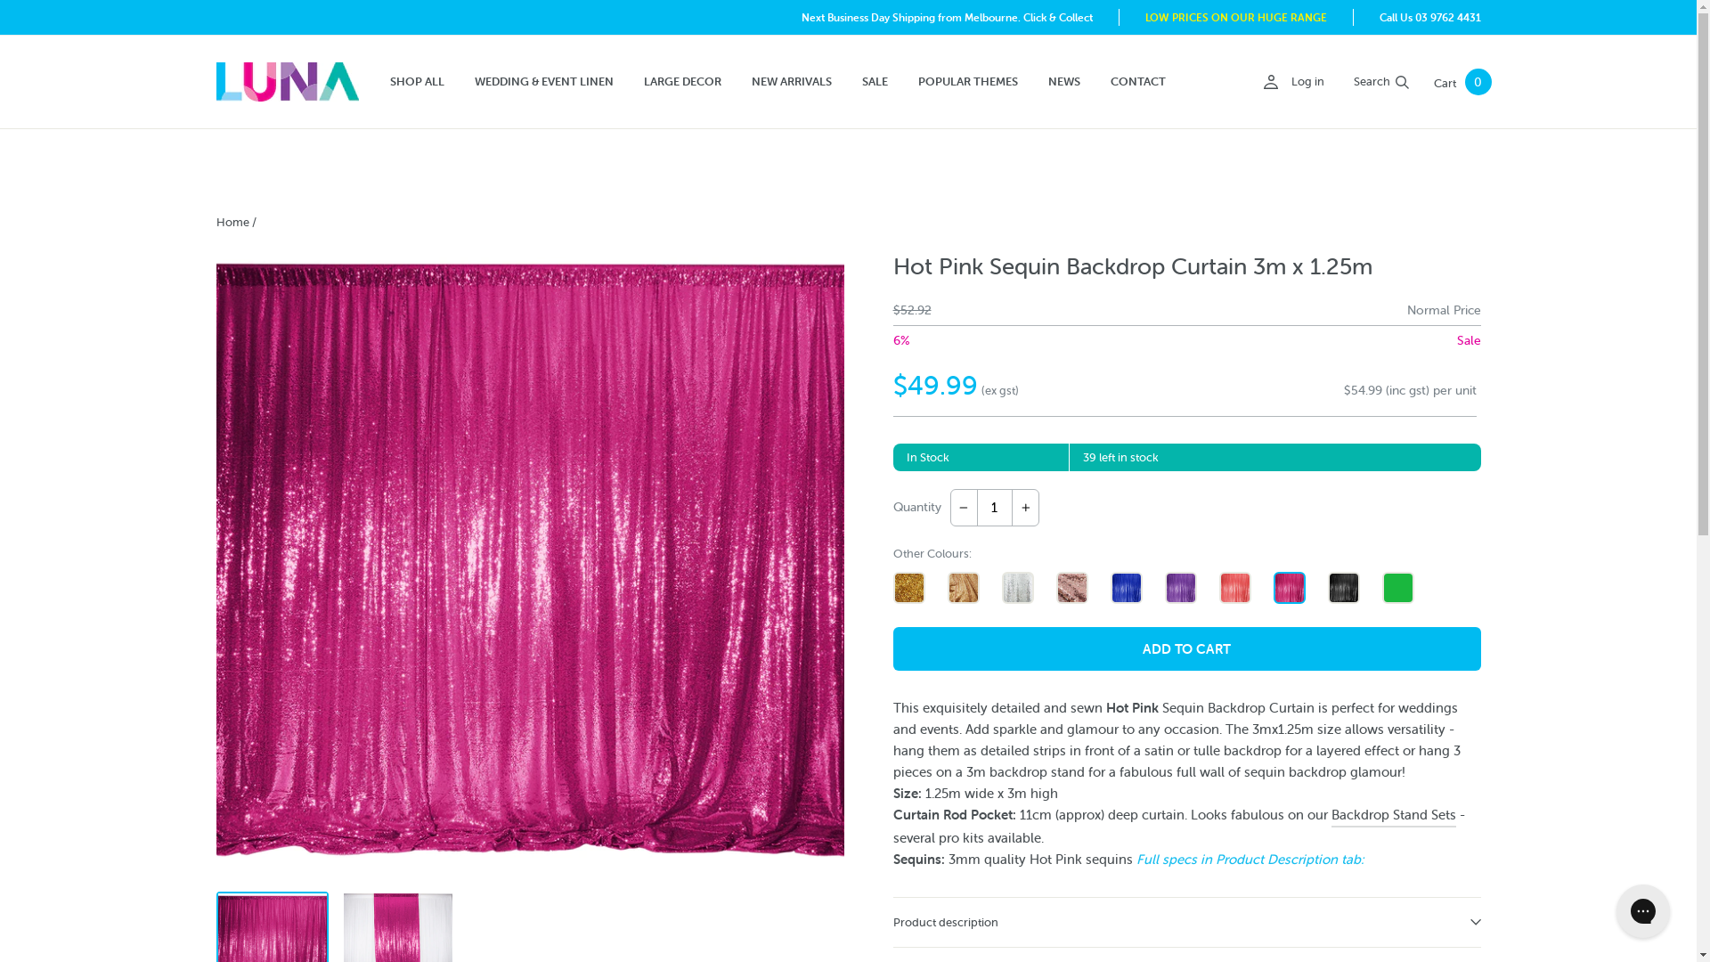  I want to click on 'Product description', so click(1185, 921).